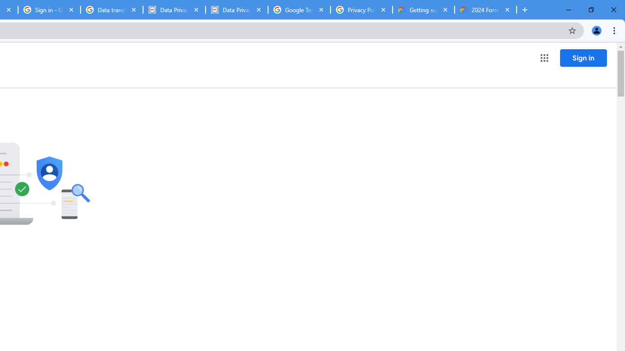 Image resolution: width=625 pixels, height=351 pixels. Describe the element at coordinates (615, 30) in the screenshot. I see `'Chrome'` at that location.